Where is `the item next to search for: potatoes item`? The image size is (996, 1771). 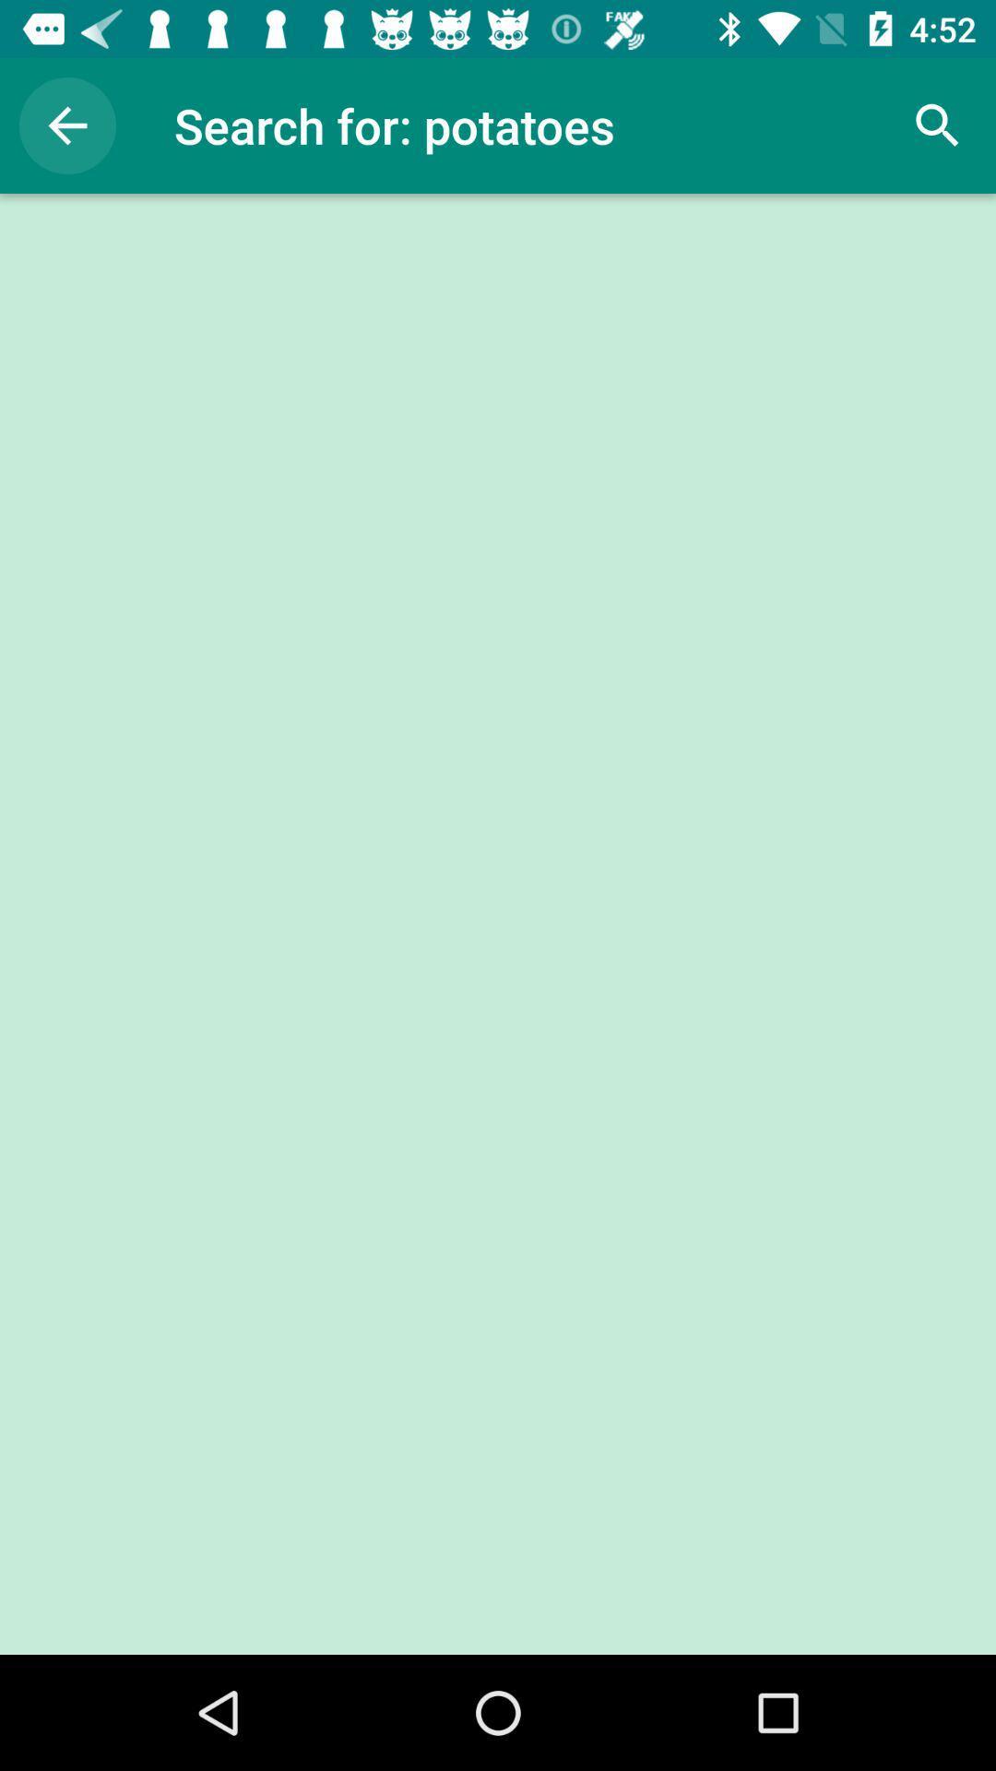 the item next to search for: potatoes item is located at coordinates (66, 125).